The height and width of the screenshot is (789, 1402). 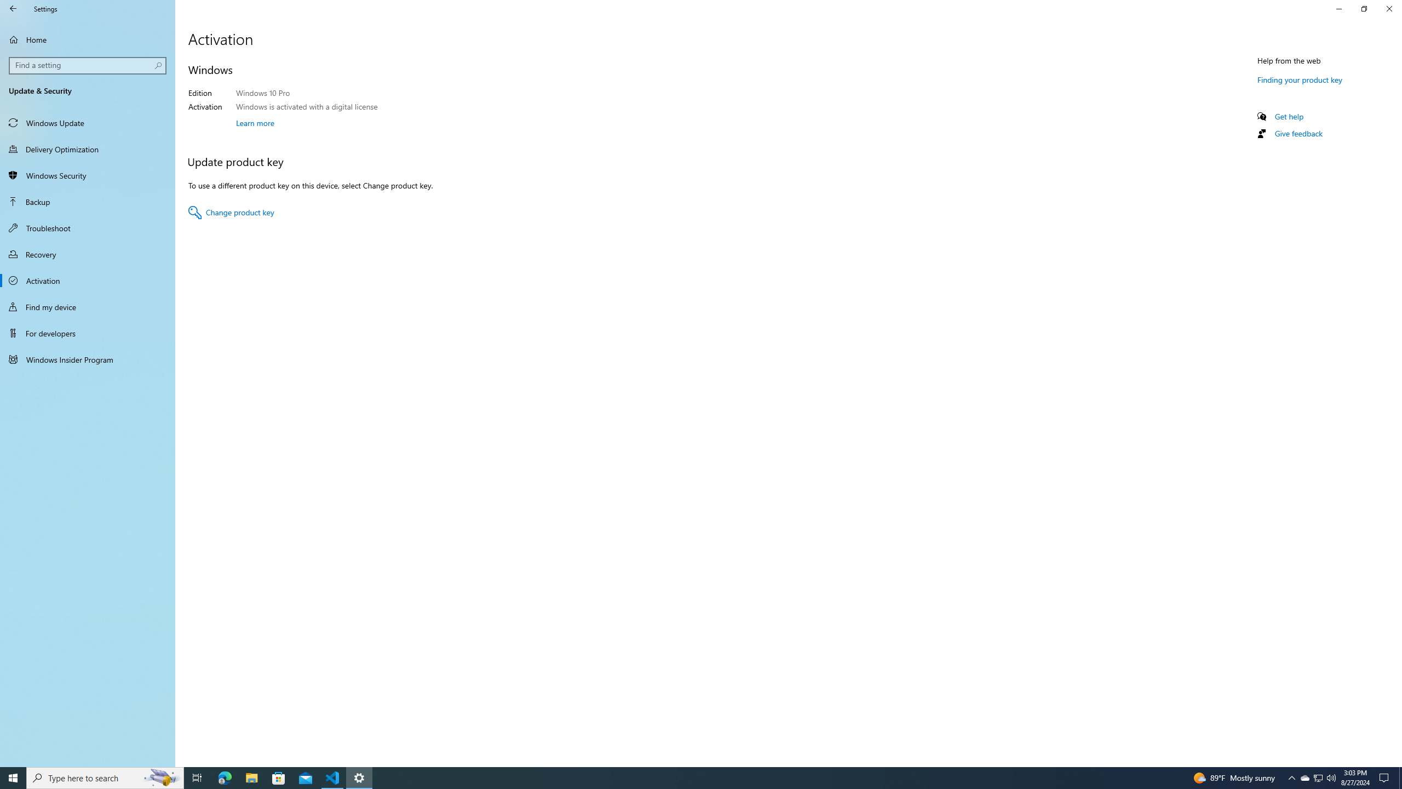 What do you see at coordinates (279, 777) in the screenshot?
I see `'Microsoft Store'` at bounding box center [279, 777].